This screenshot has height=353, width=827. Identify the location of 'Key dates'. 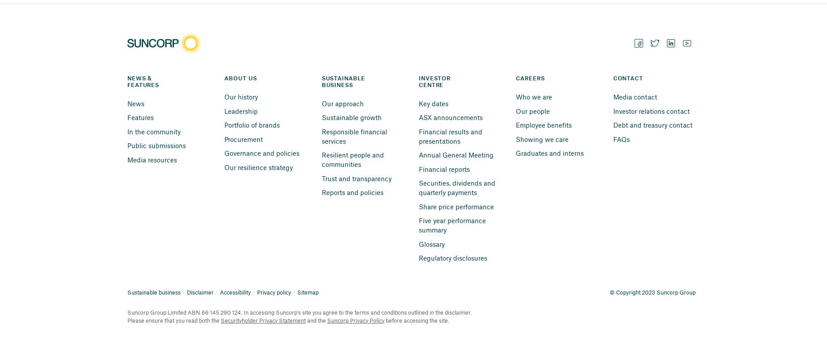
(433, 102).